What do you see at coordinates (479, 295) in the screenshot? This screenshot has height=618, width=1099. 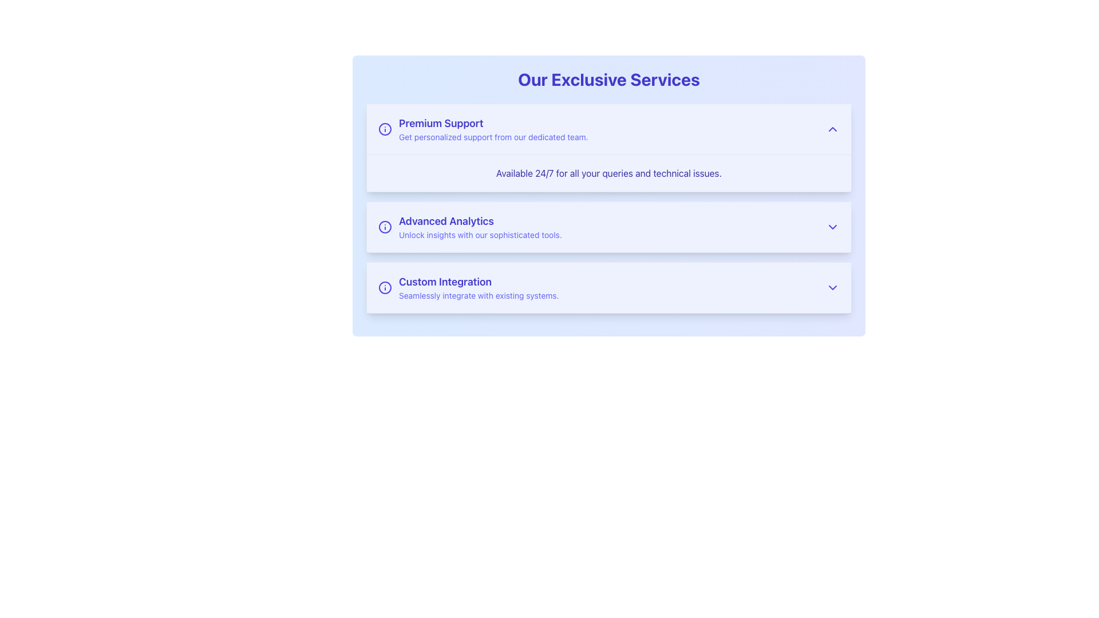 I see `text string 'Seamlessly integrate with existing systems.' which is positioned as the subtitle under the 'Custom Integration' section, styled in a small indigo font` at bounding box center [479, 295].